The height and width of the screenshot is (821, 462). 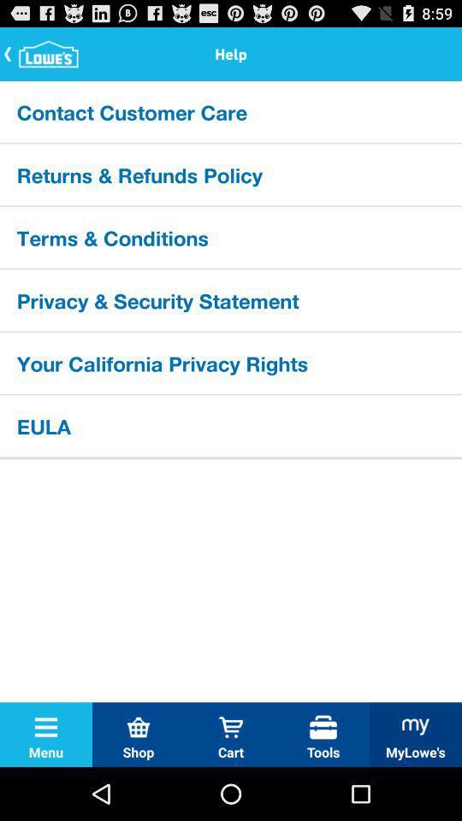 What do you see at coordinates (231, 424) in the screenshot?
I see `eula item` at bounding box center [231, 424].